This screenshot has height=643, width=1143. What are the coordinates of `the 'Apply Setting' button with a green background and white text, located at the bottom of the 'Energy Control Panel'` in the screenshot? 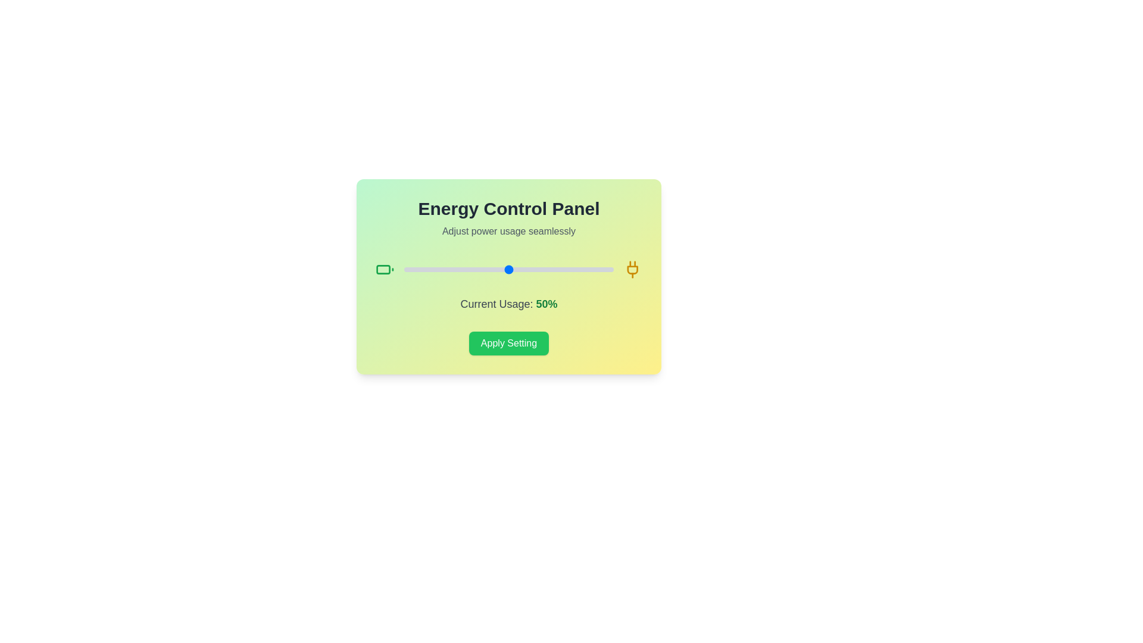 It's located at (508, 344).